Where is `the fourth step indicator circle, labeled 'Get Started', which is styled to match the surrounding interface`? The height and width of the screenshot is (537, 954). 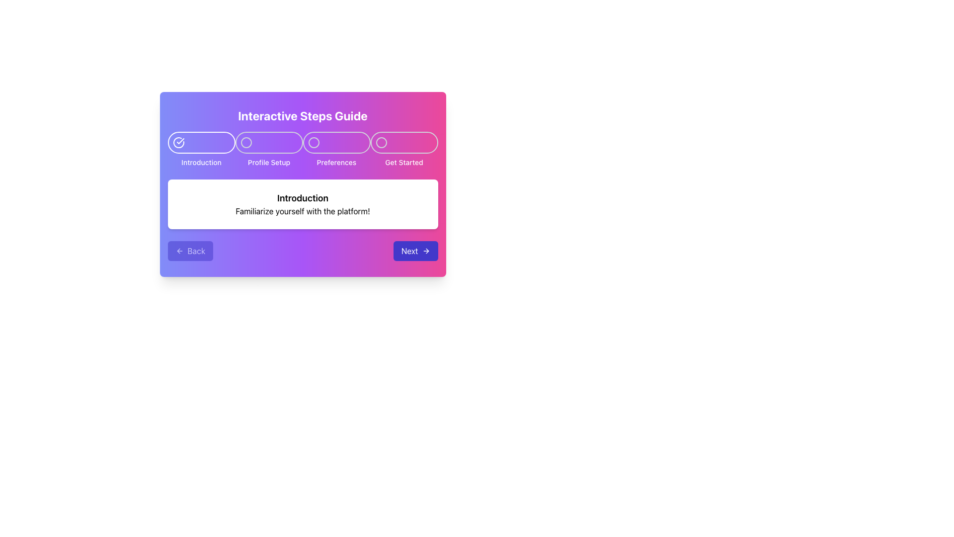
the fourth step indicator circle, labeled 'Get Started', which is styled to match the surrounding interface is located at coordinates (381, 142).